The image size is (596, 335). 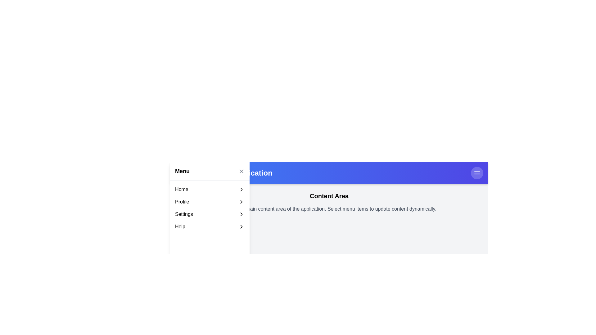 I want to click on the close button icon located in the top-right corner of the vertical menu section, so click(x=241, y=171).